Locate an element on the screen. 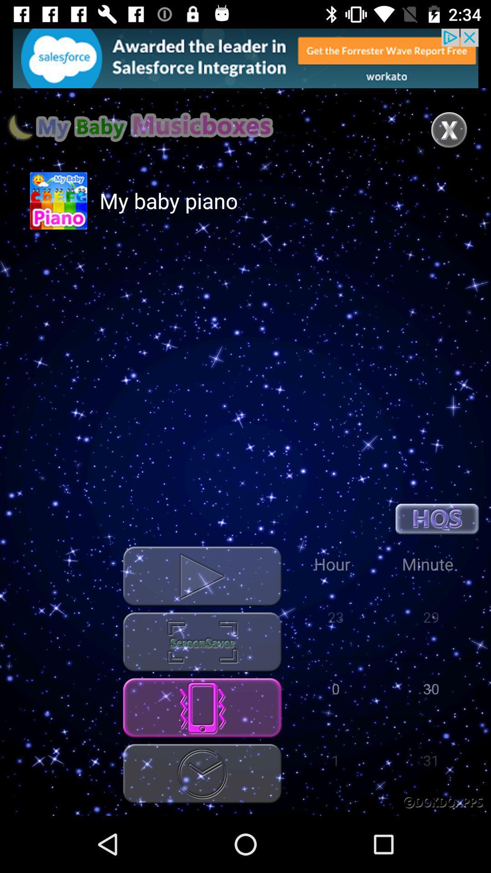 Image resolution: width=491 pixels, height=873 pixels. timer is located at coordinates (202, 773).